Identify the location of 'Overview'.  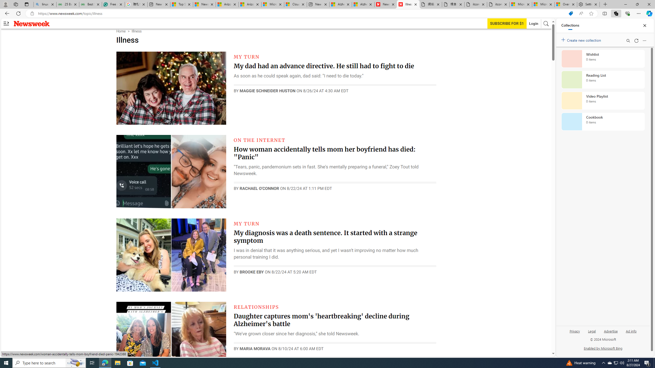
(565, 4).